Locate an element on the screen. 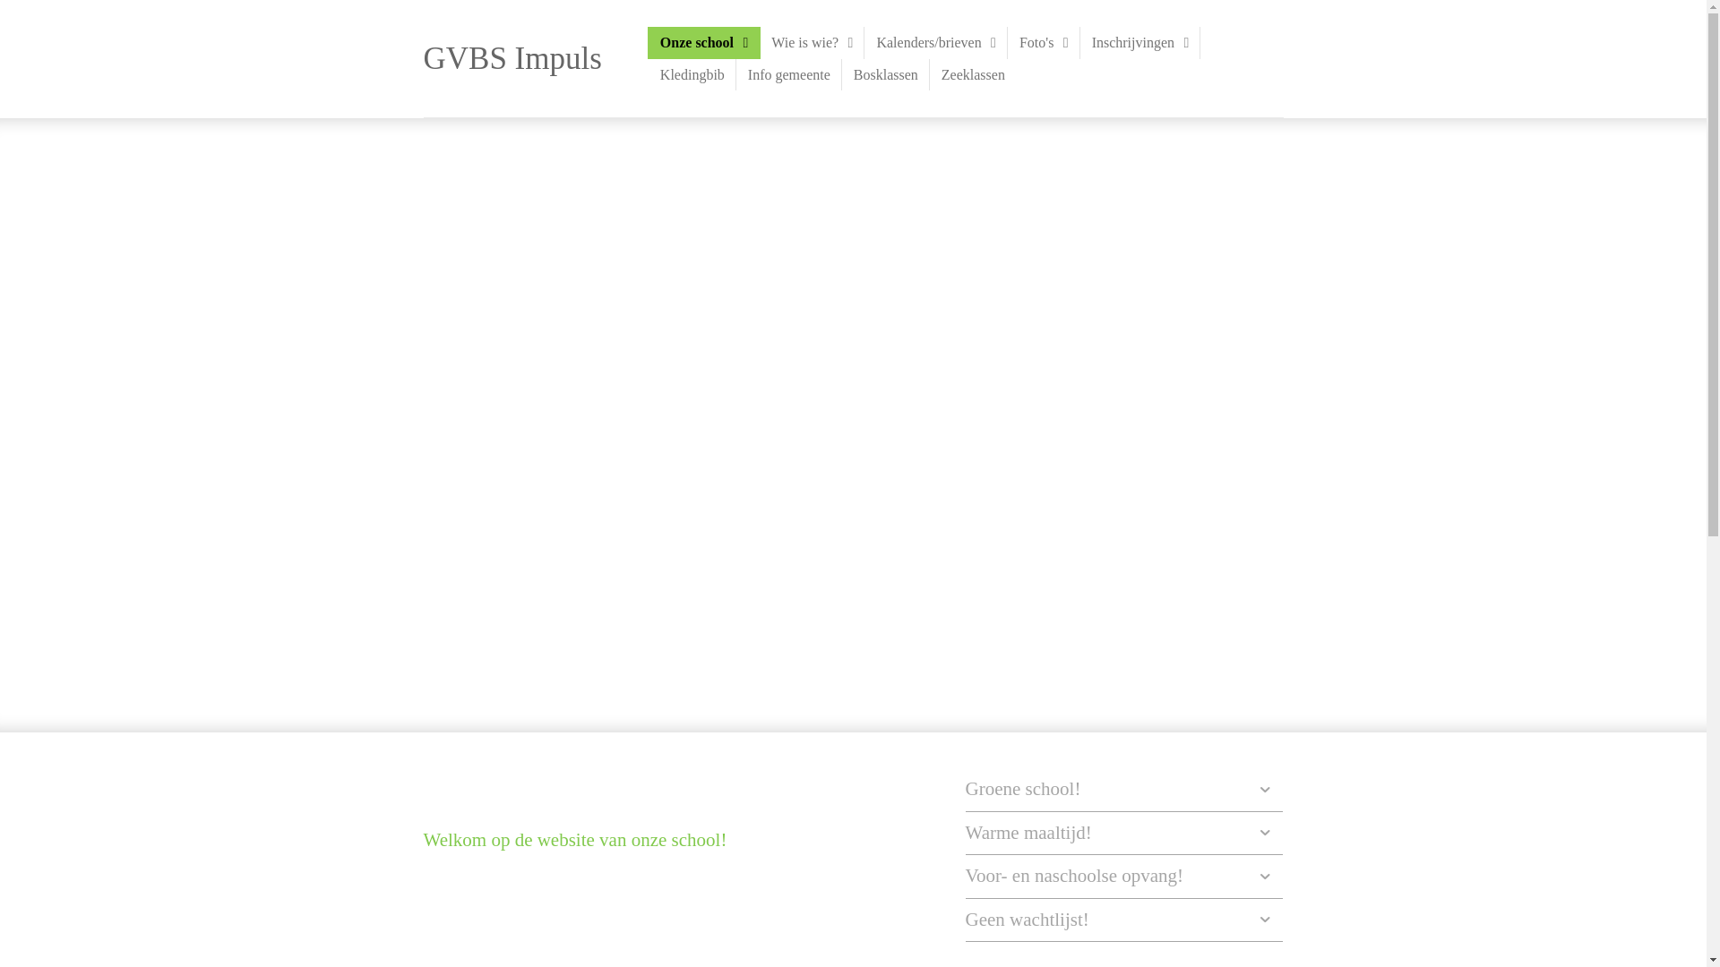 This screenshot has width=1720, height=967. 'Inschrijvingen' is located at coordinates (1079, 41).